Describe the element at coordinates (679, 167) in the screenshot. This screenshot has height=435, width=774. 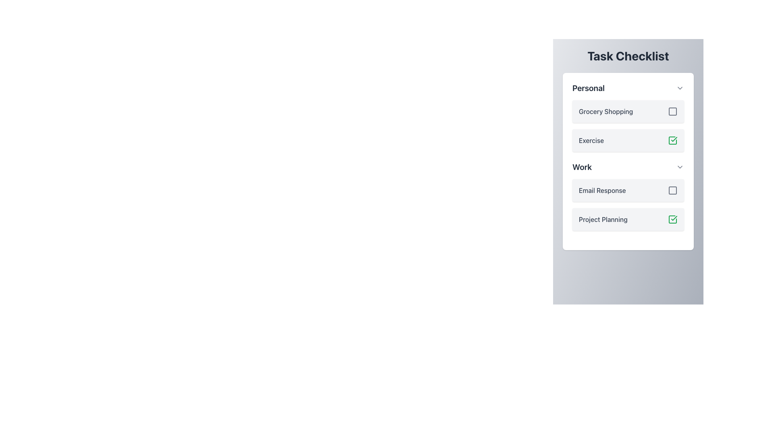
I see `the downward arrow icon located to the right of the 'Work' text in the Task Checklist interface` at that location.